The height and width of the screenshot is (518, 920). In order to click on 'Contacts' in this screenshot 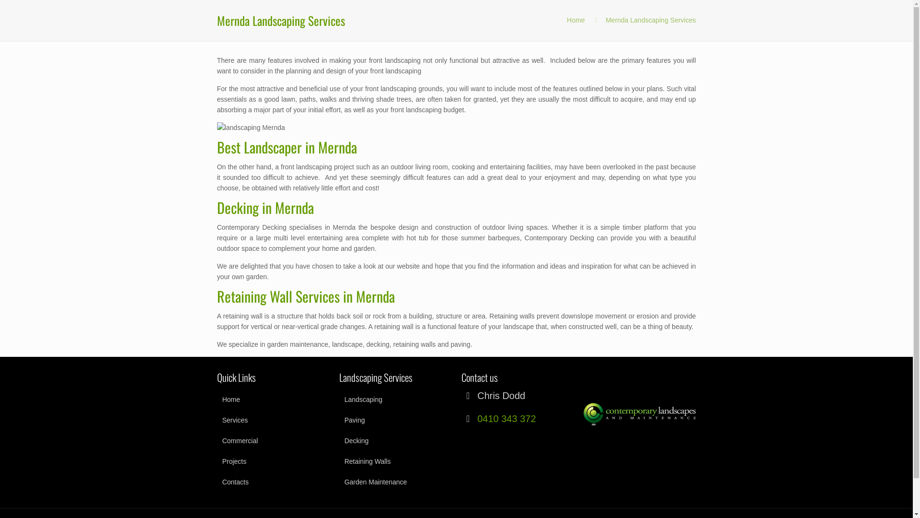, I will do `click(273, 482)`.